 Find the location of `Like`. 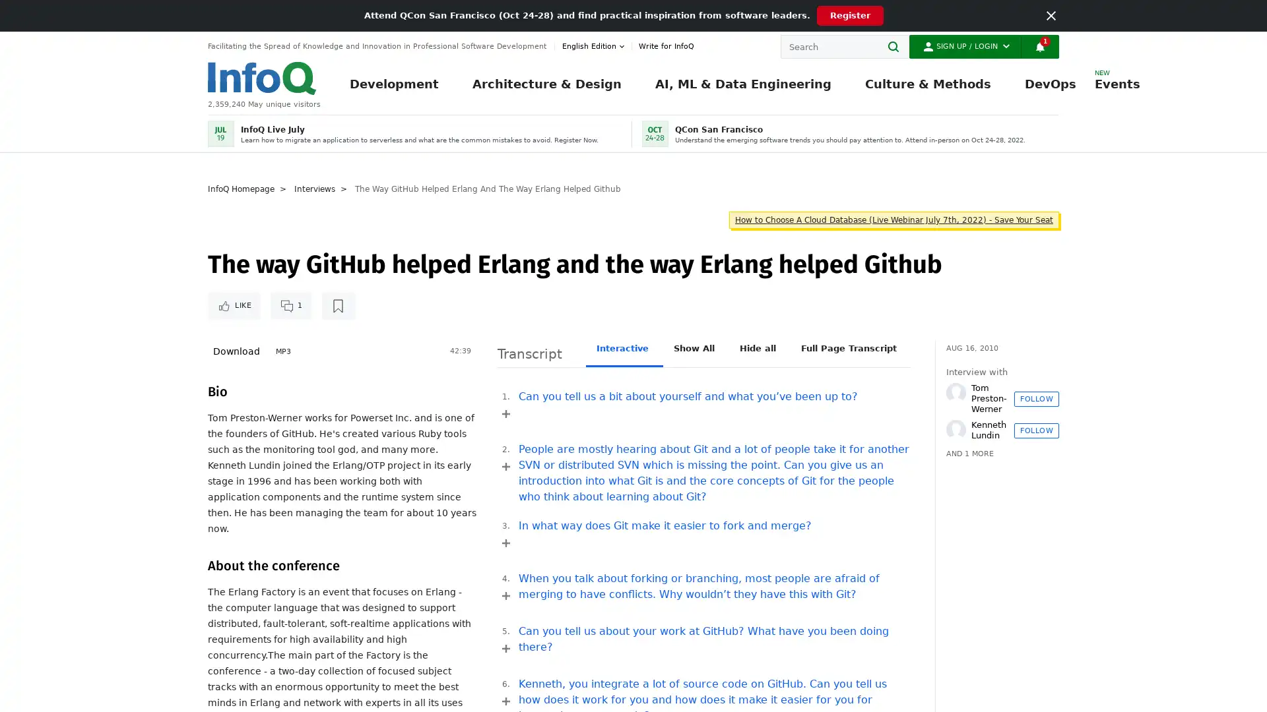

Like is located at coordinates (234, 305).